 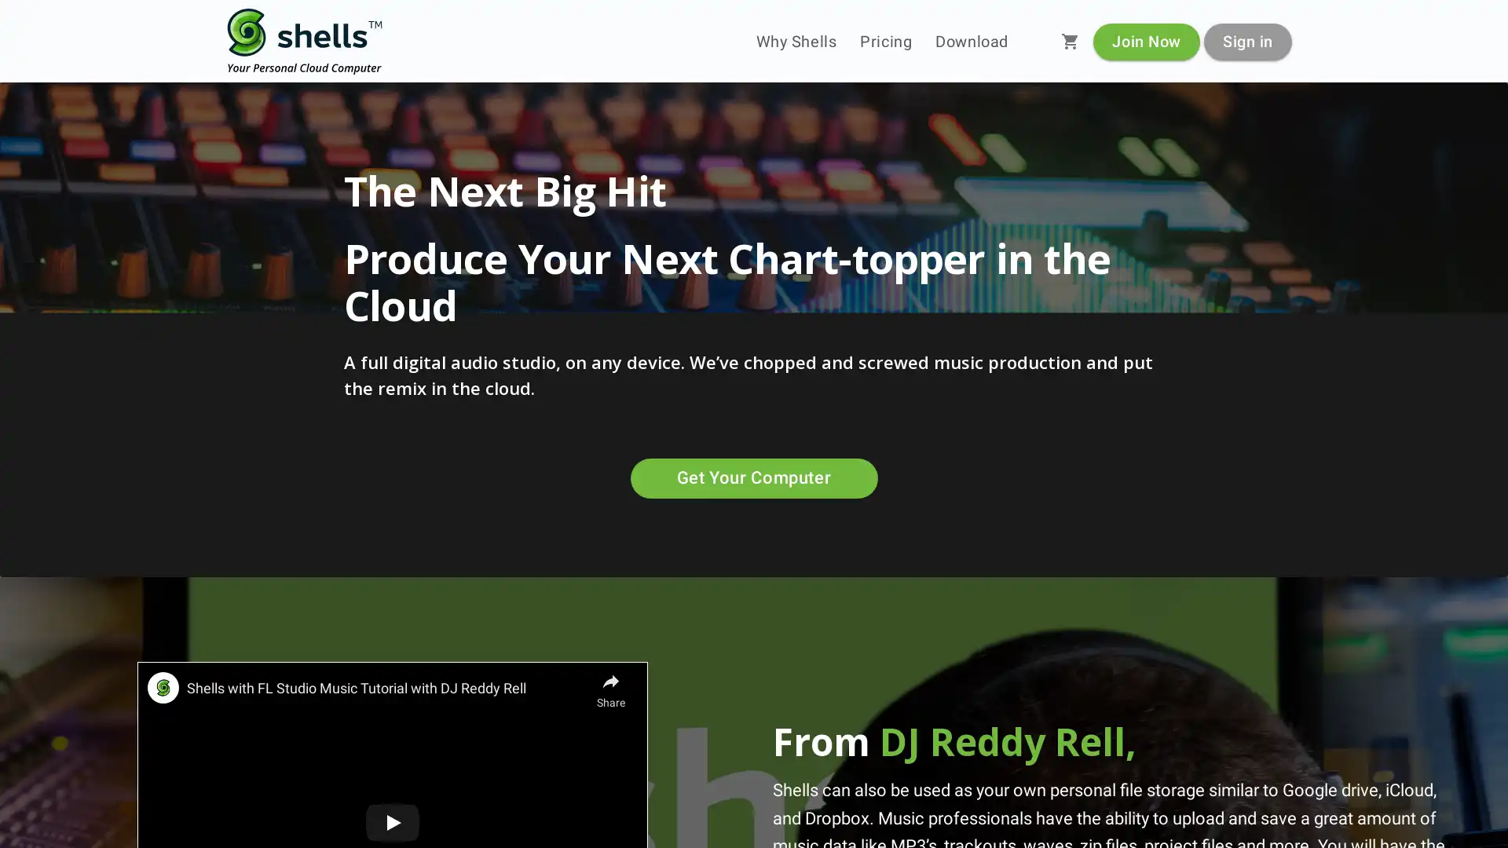 What do you see at coordinates (1146, 40) in the screenshot?
I see `Join Now` at bounding box center [1146, 40].